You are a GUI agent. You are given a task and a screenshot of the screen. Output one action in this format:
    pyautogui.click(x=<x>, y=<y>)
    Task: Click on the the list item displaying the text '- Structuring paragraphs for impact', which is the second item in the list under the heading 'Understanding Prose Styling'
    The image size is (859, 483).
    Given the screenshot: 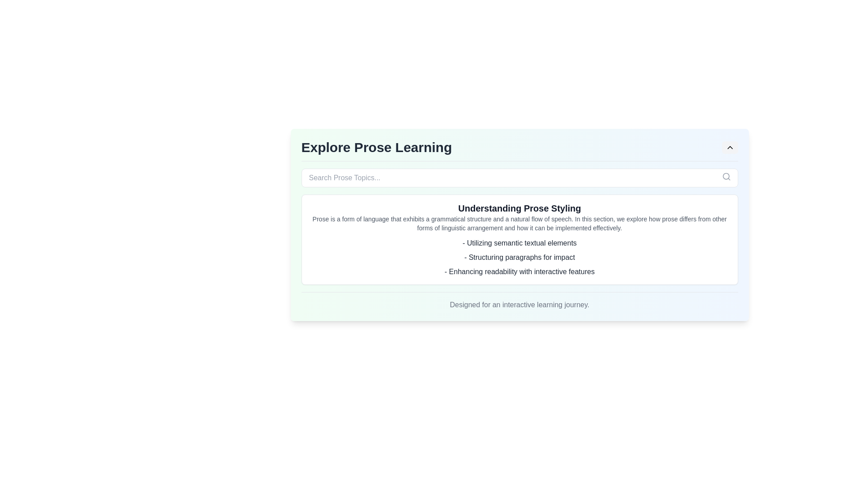 What is the action you would take?
    pyautogui.click(x=519, y=257)
    